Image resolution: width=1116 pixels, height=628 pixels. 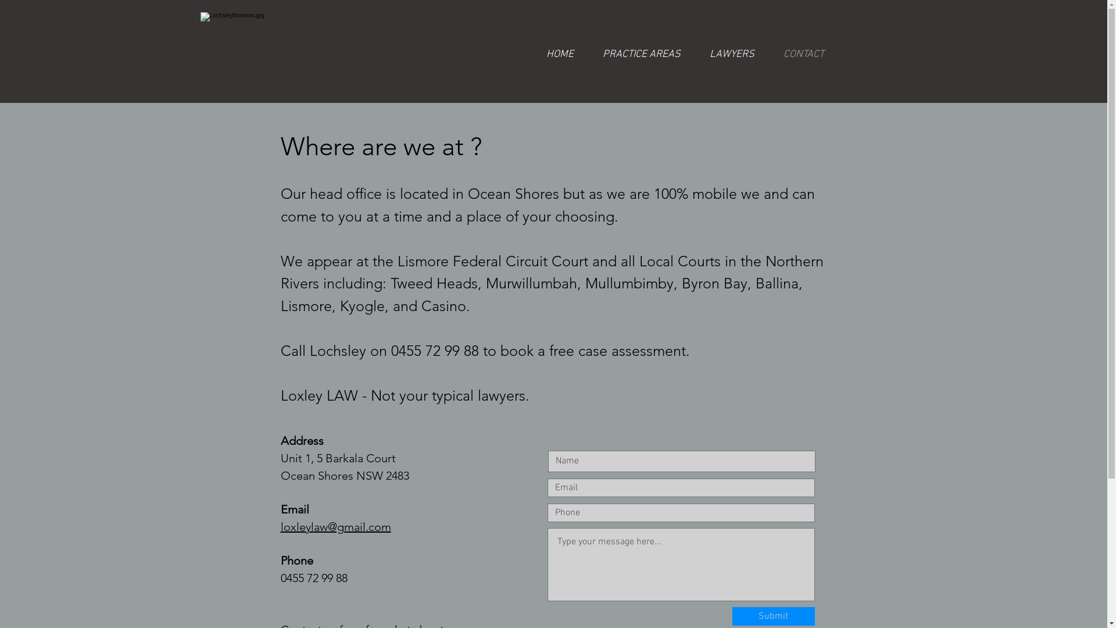 I want to click on 'loxleylaw@gmail.com', so click(x=334, y=527).